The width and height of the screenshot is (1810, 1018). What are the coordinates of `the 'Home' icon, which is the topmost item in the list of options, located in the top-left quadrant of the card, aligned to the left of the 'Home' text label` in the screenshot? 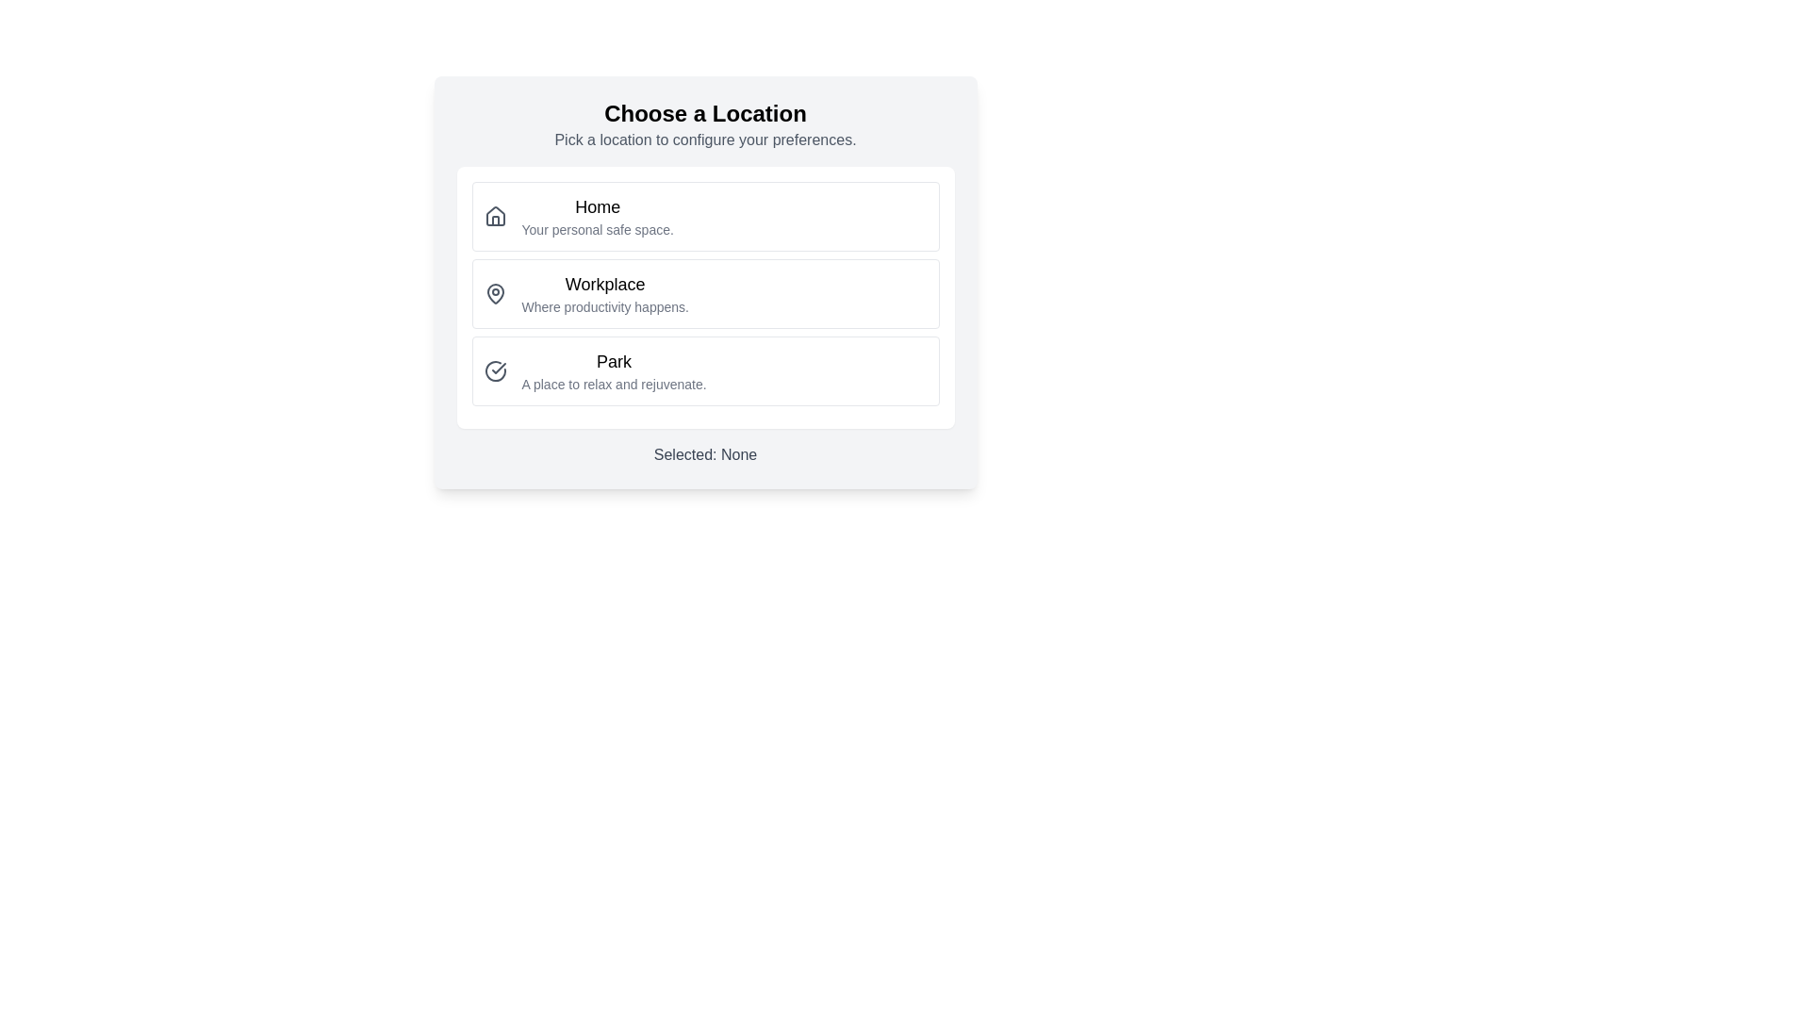 It's located at (495, 216).